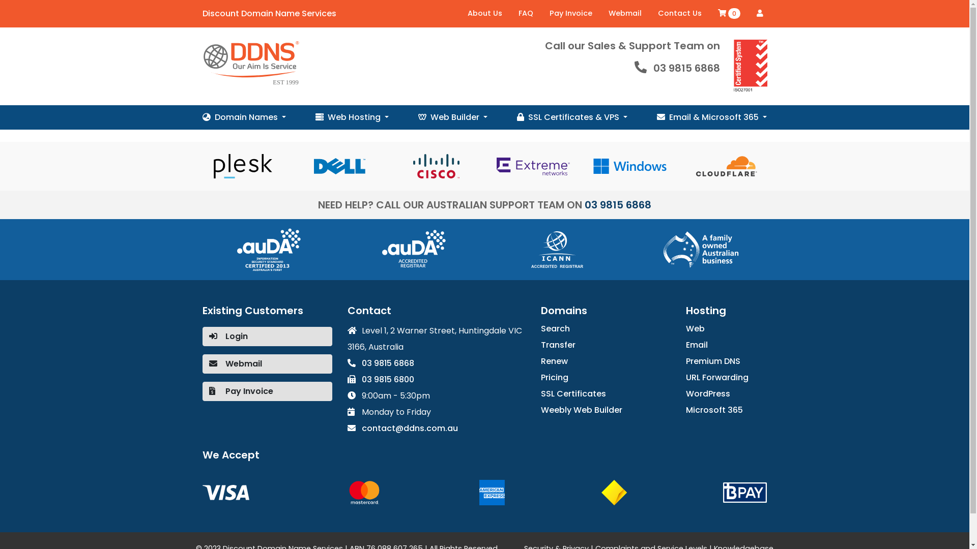 The image size is (977, 549). I want to click on 'Transfer', so click(605, 344).